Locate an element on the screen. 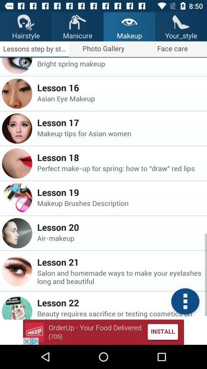 The height and width of the screenshot is (369, 207). the more icon is located at coordinates (185, 301).